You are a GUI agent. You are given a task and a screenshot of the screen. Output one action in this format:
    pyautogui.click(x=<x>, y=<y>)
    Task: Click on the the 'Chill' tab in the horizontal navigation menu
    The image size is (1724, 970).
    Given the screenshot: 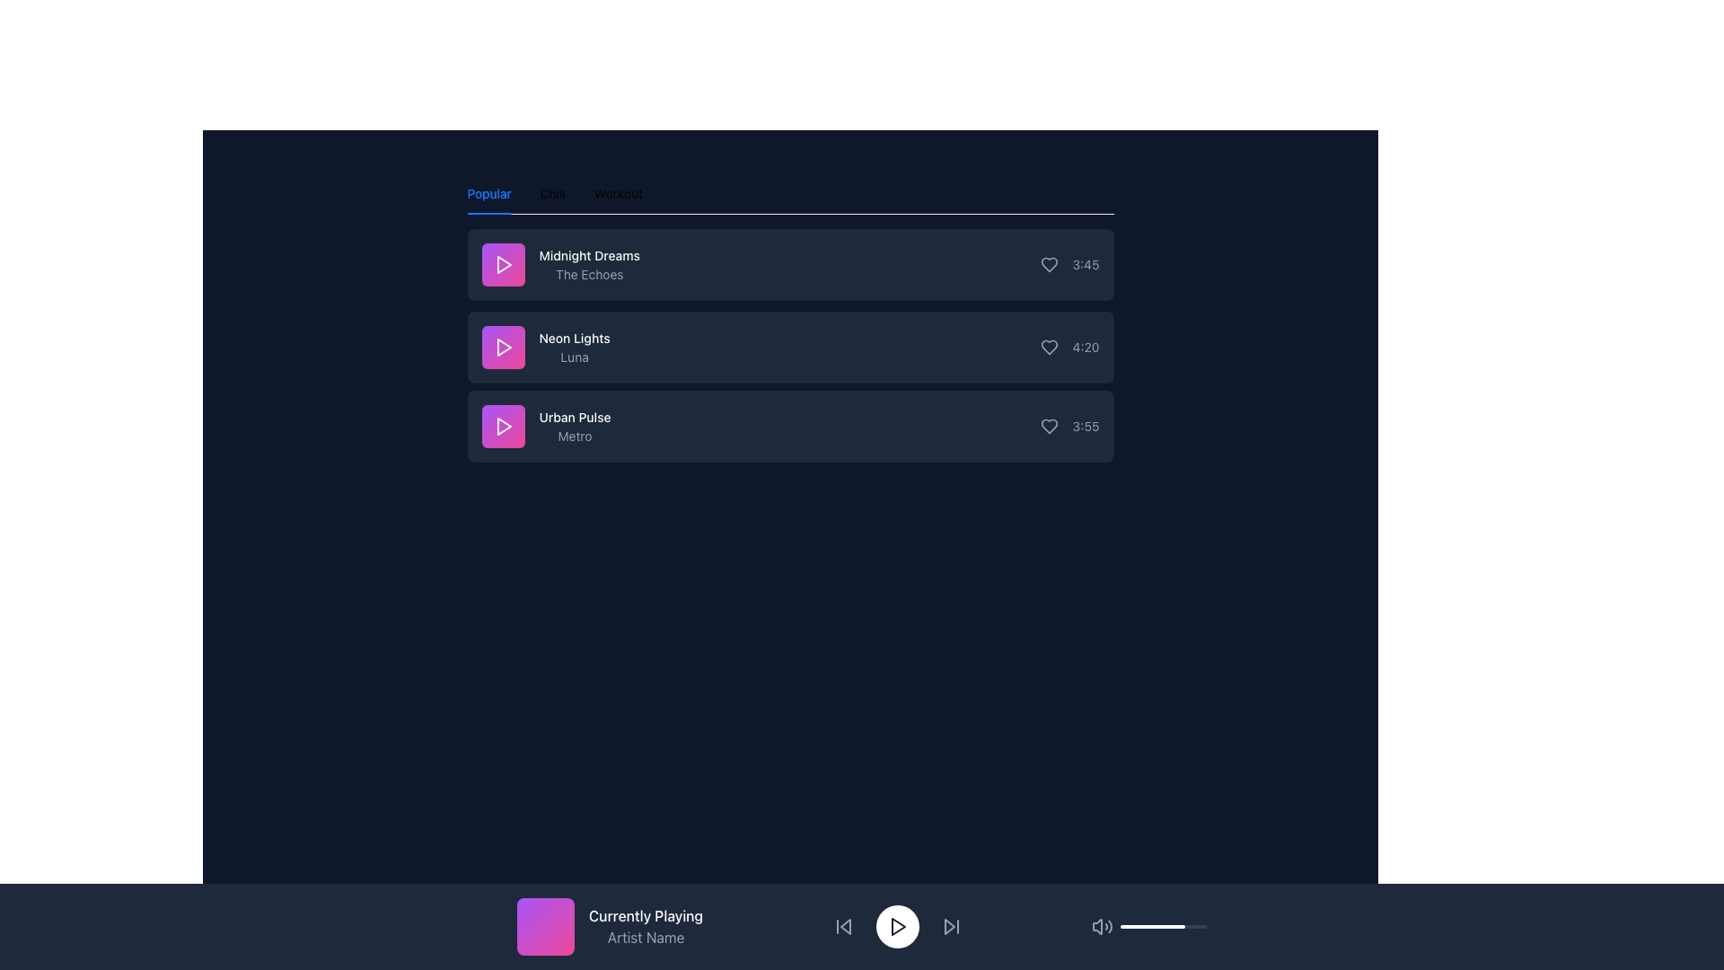 What is the action you would take?
    pyautogui.click(x=551, y=194)
    